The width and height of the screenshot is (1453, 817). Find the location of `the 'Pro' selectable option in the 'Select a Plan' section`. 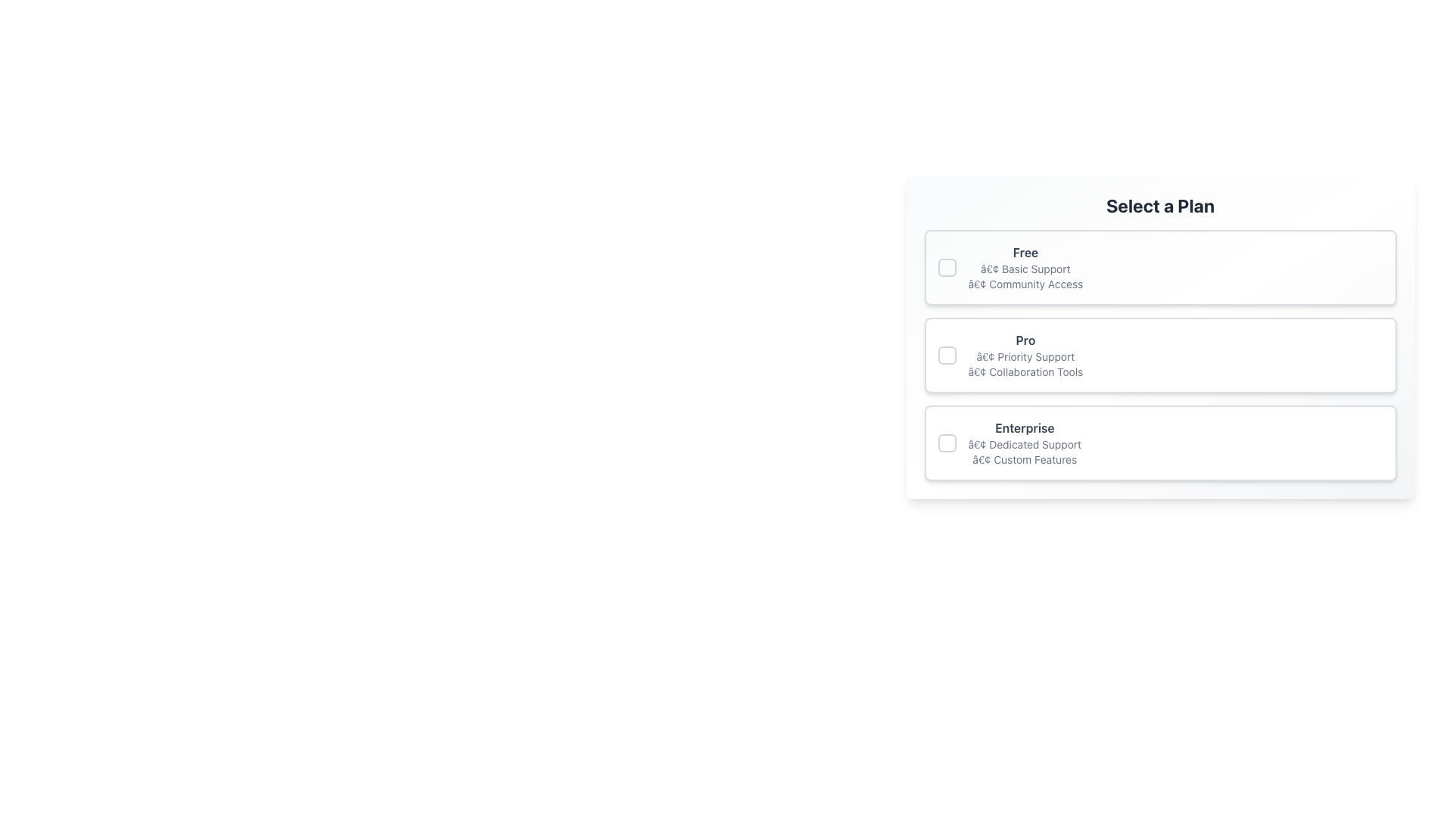

the 'Pro' selectable option in the 'Select a Plan' section is located at coordinates (1159, 356).